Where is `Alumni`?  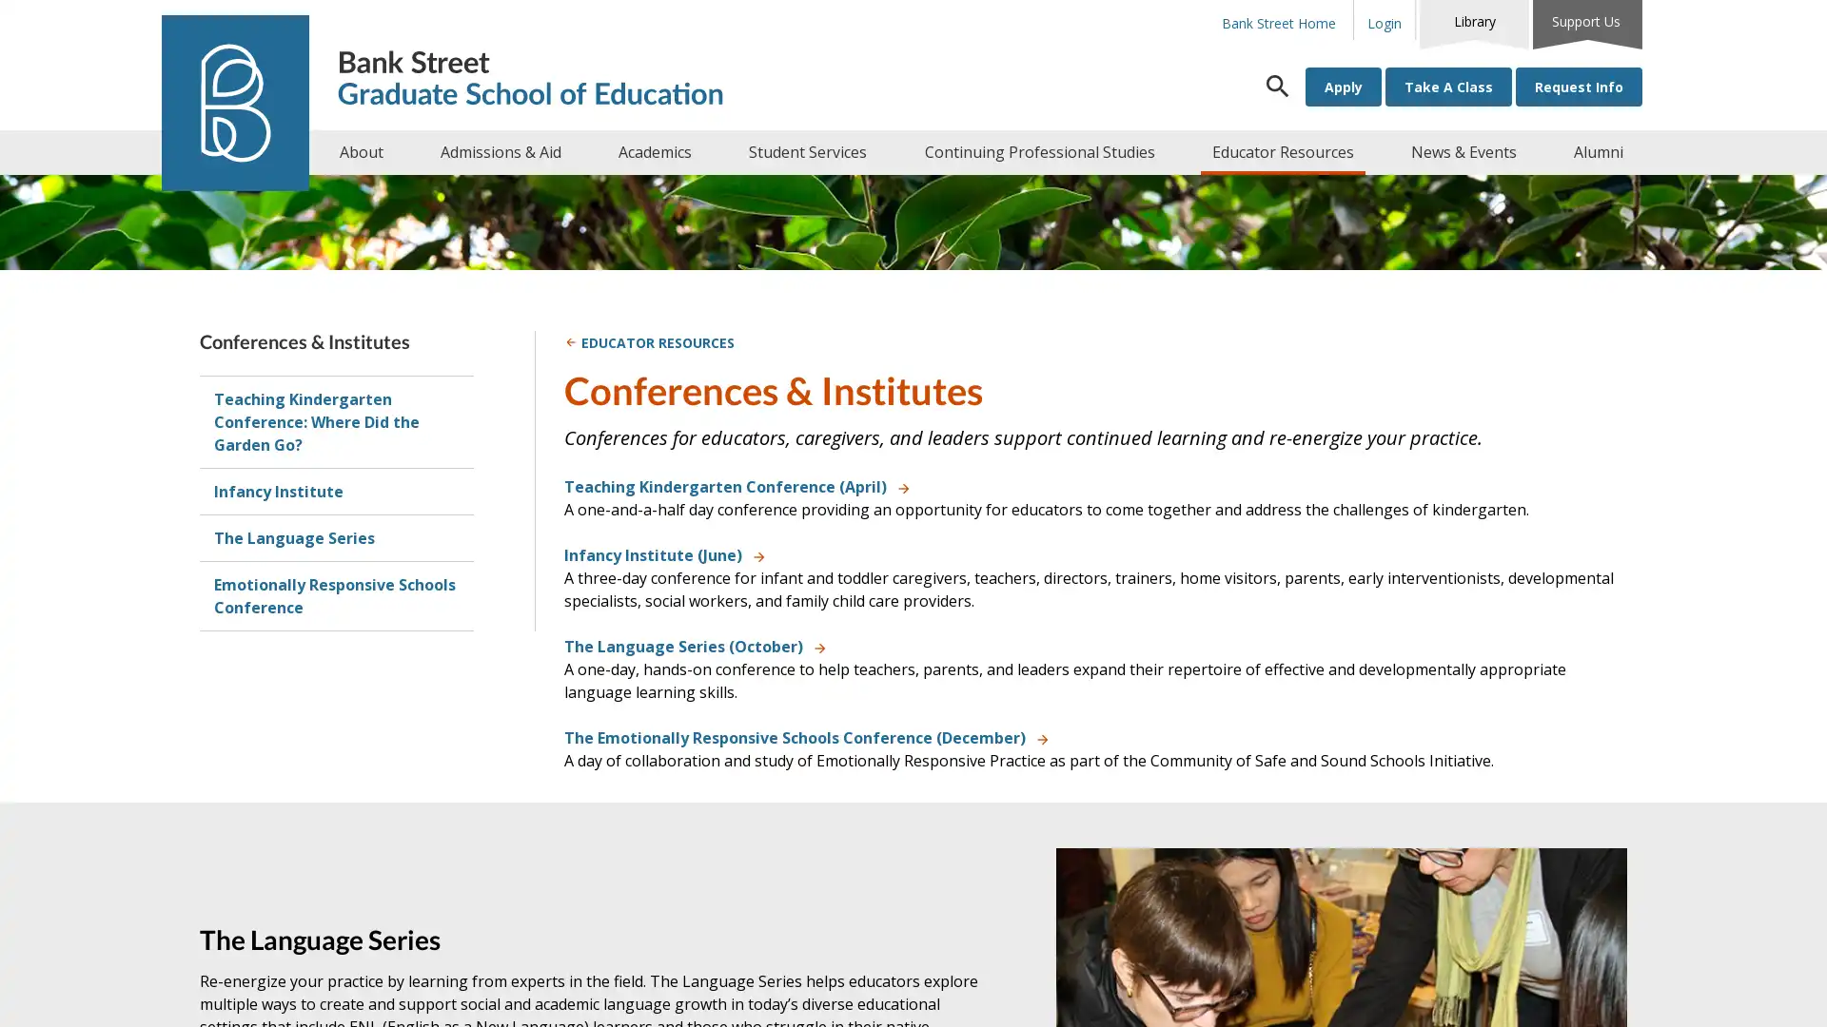 Alumni is located at coordinates (1598, 151).